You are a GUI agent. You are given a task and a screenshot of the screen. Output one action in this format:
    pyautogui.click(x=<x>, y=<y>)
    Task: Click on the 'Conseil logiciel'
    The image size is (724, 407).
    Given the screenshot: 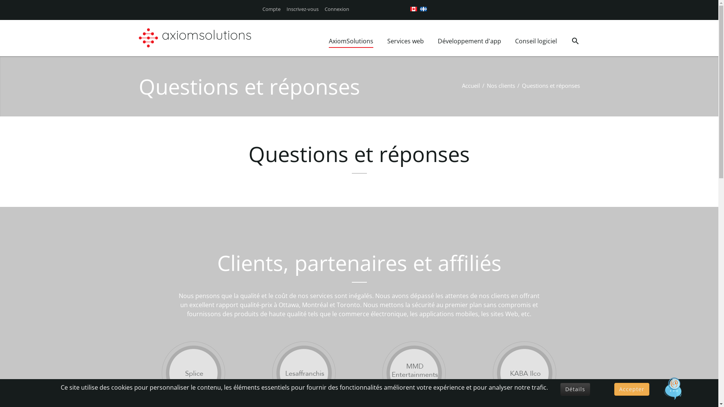 What is the action you would take?
    pyautogui.click(x=515, y=42)
    